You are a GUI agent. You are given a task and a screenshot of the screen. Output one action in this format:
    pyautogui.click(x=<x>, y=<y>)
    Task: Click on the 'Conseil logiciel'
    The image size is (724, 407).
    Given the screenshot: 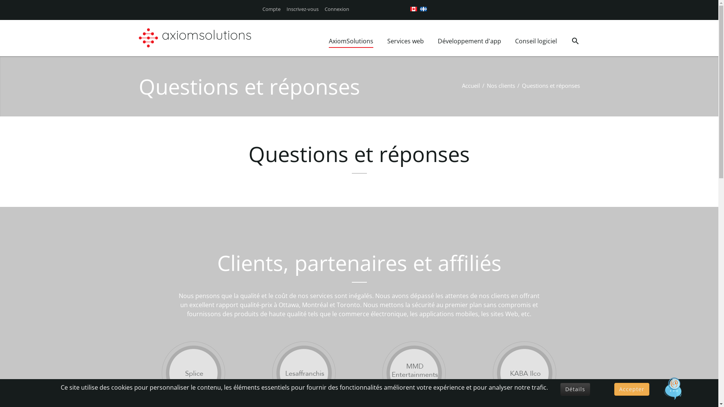 What is the action you would take?
    pyautogui.click(x=515, y=42)
    